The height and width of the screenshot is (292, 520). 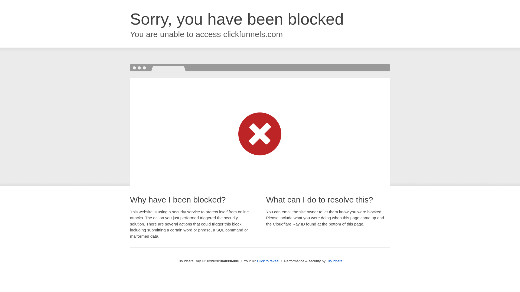 I want to click on 'Click to reveal', so click(x=257, y=261).